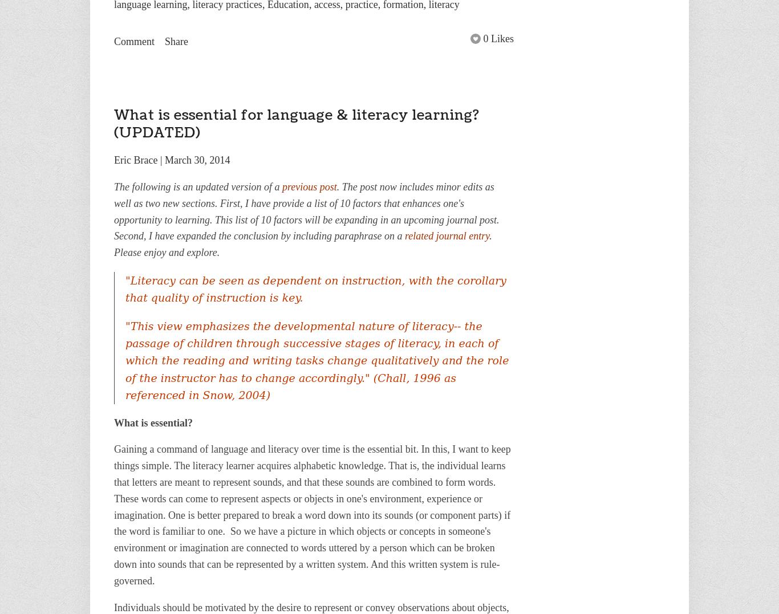 The image size is (779, 614). I want to click on 'What is essential for language & literacy learning? (UPDATED)', so click(297, 123).